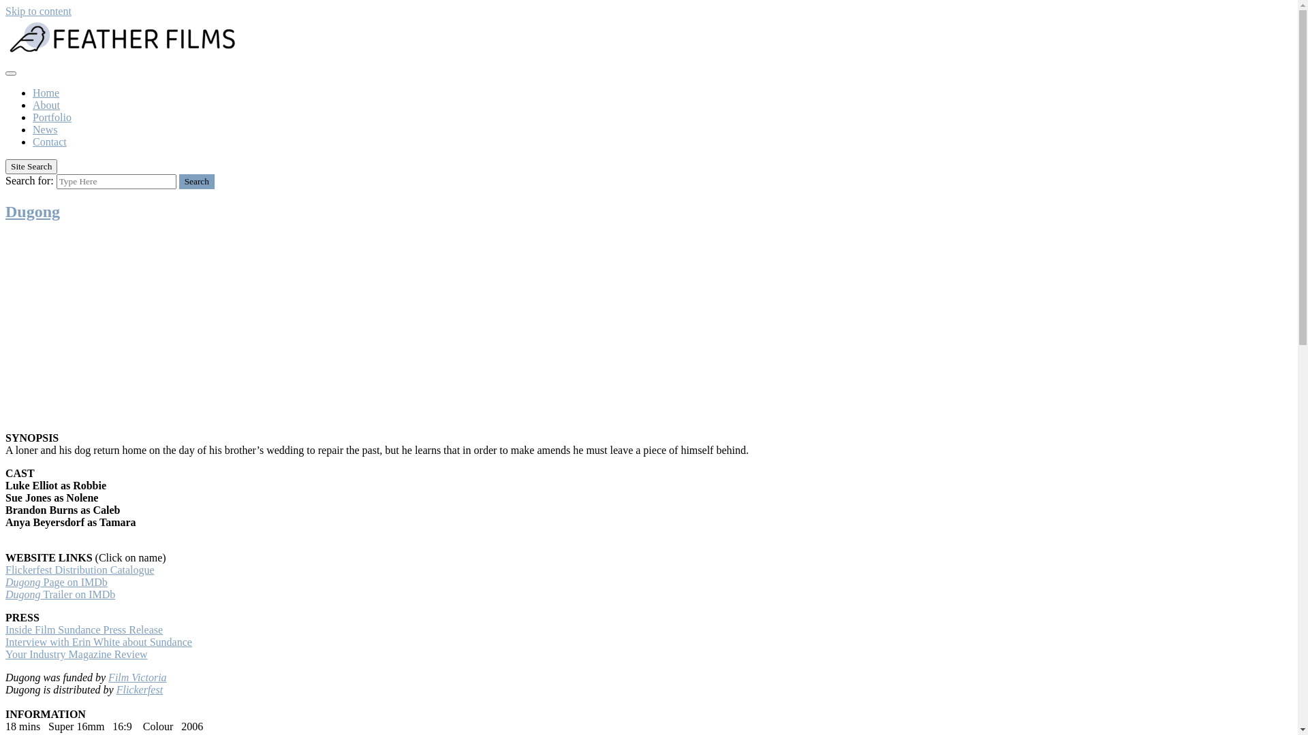 The image size is (1308, 735). Describe the element at coordinates (140, 689) in the screenshot. I see `'Flickerfest'` at that location.